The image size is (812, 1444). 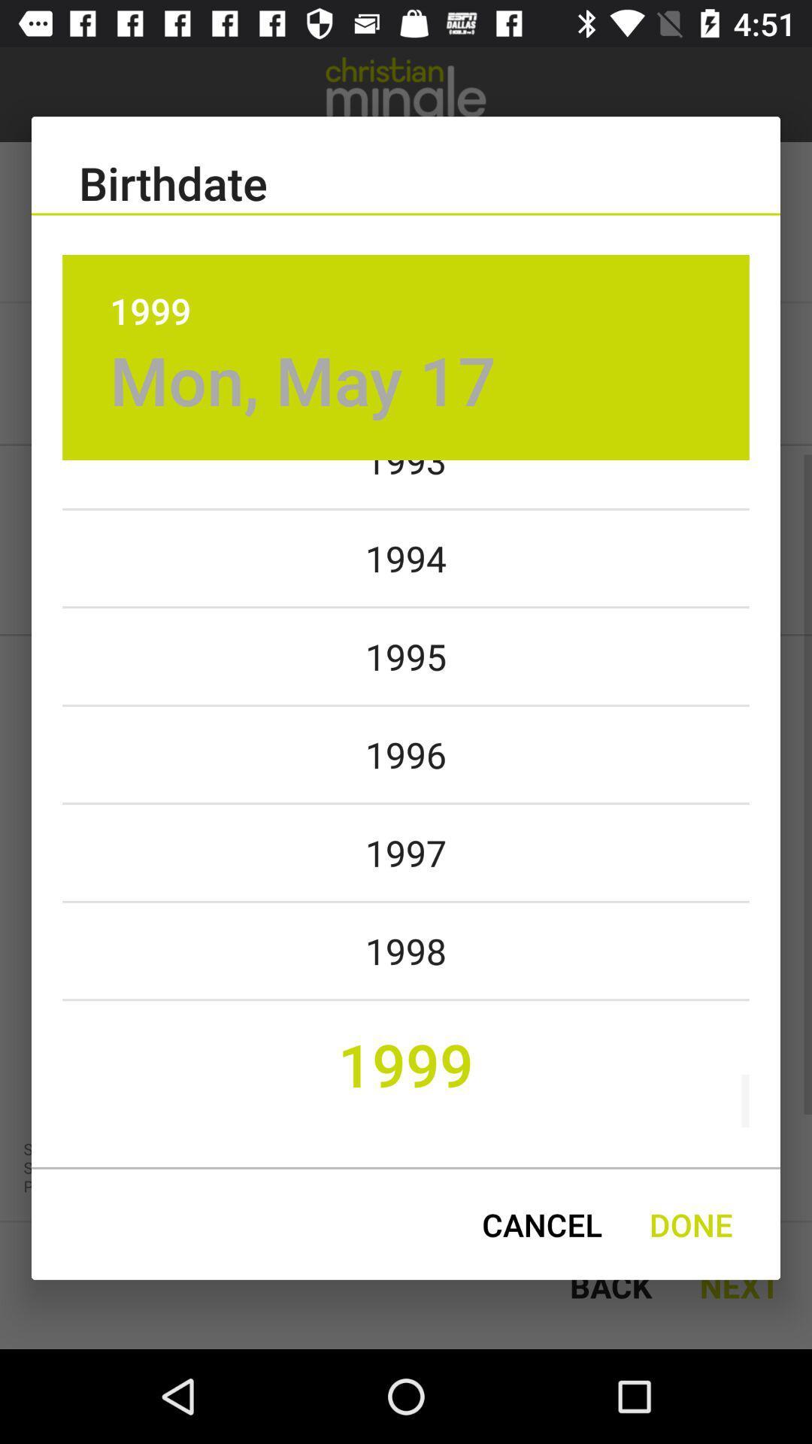 What do you see at coordinates (303, 380) in the screenshot?
I see `the item above 1993` at bounding box center [303, 380].